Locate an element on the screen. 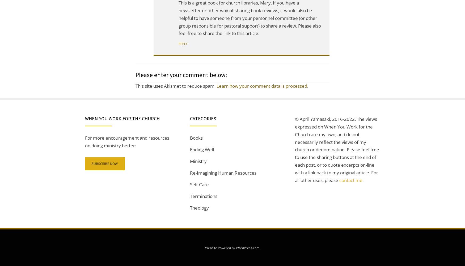  'Self-Care' is located at coordinates (199, 184).